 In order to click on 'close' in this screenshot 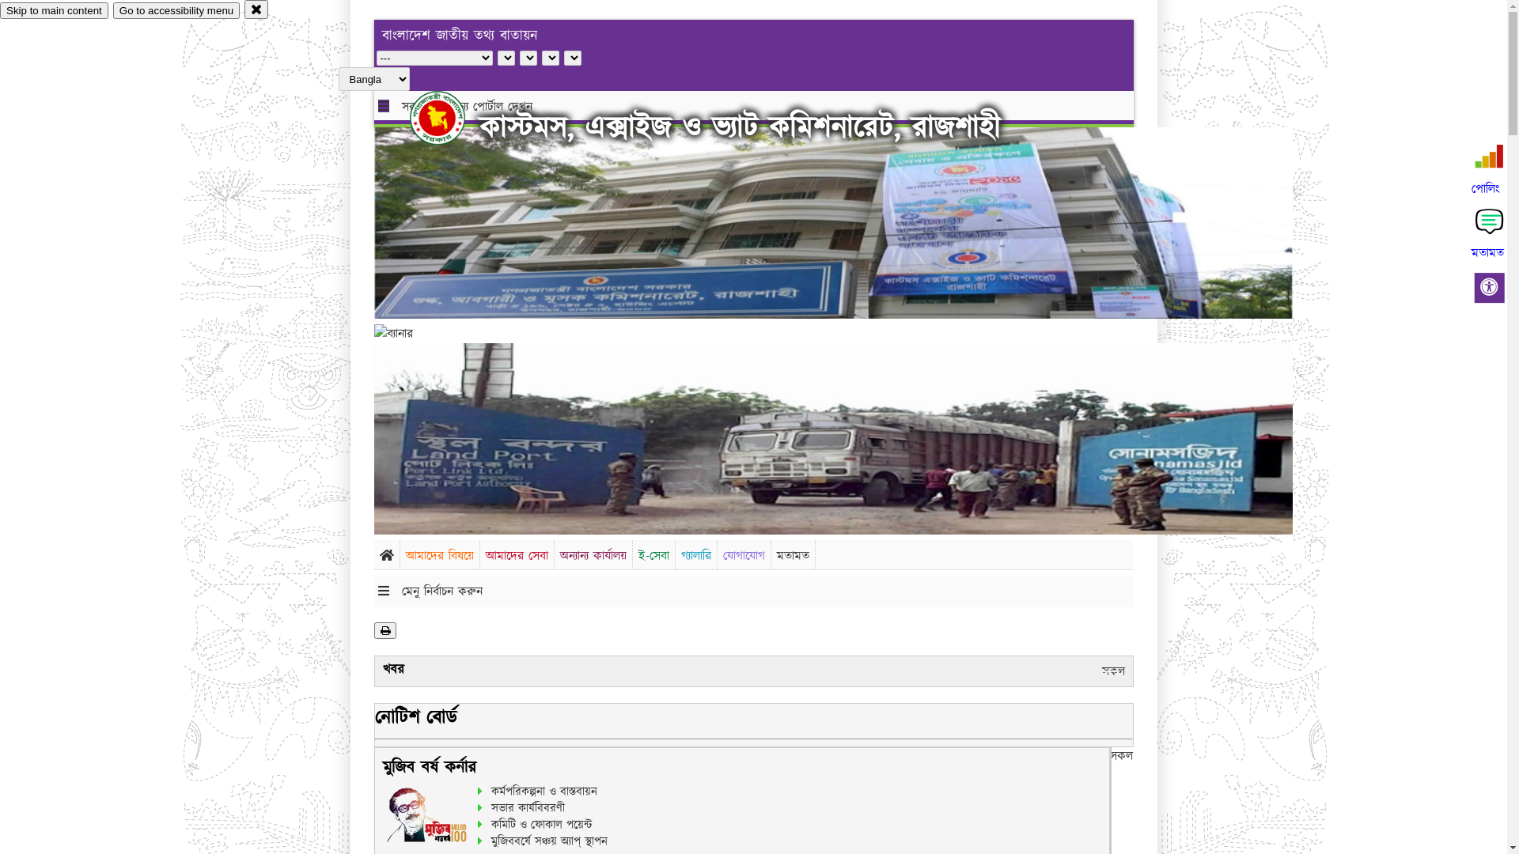, I will do `click(256, 9)`.